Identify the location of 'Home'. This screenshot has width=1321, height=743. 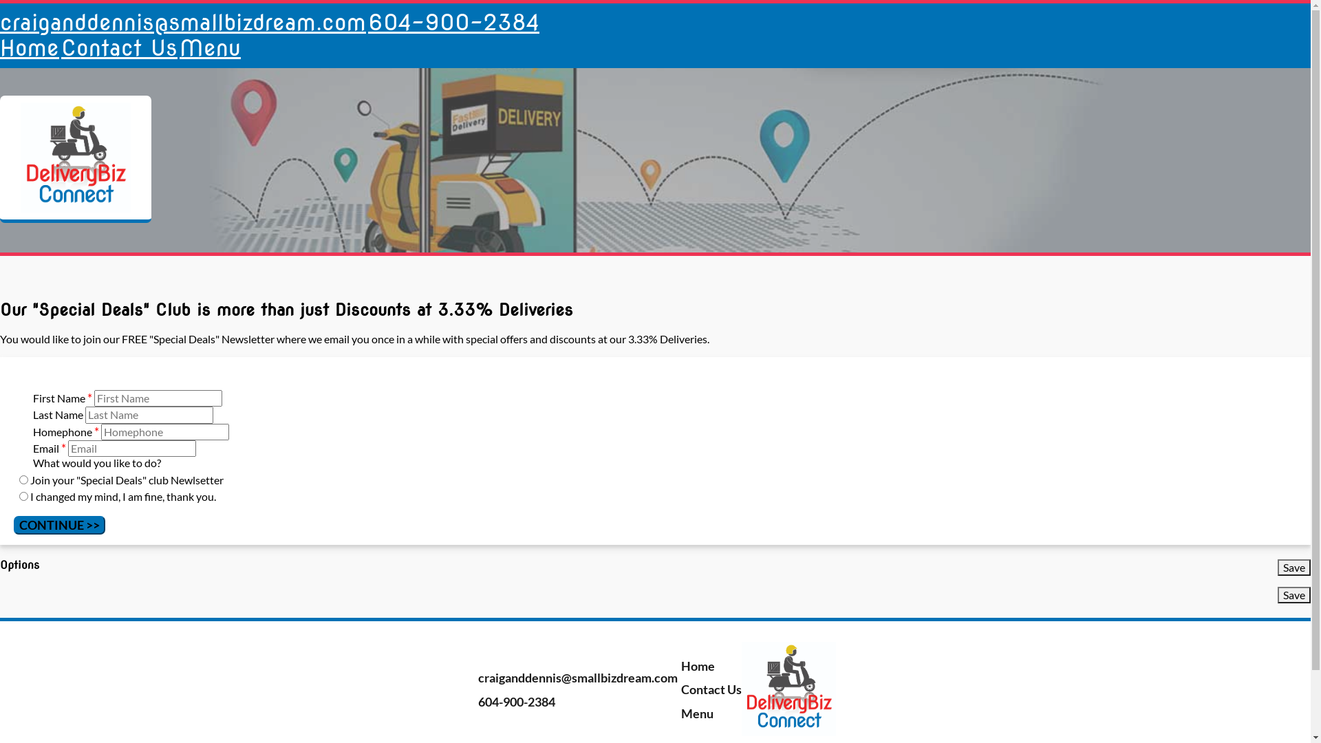
(696, 665).